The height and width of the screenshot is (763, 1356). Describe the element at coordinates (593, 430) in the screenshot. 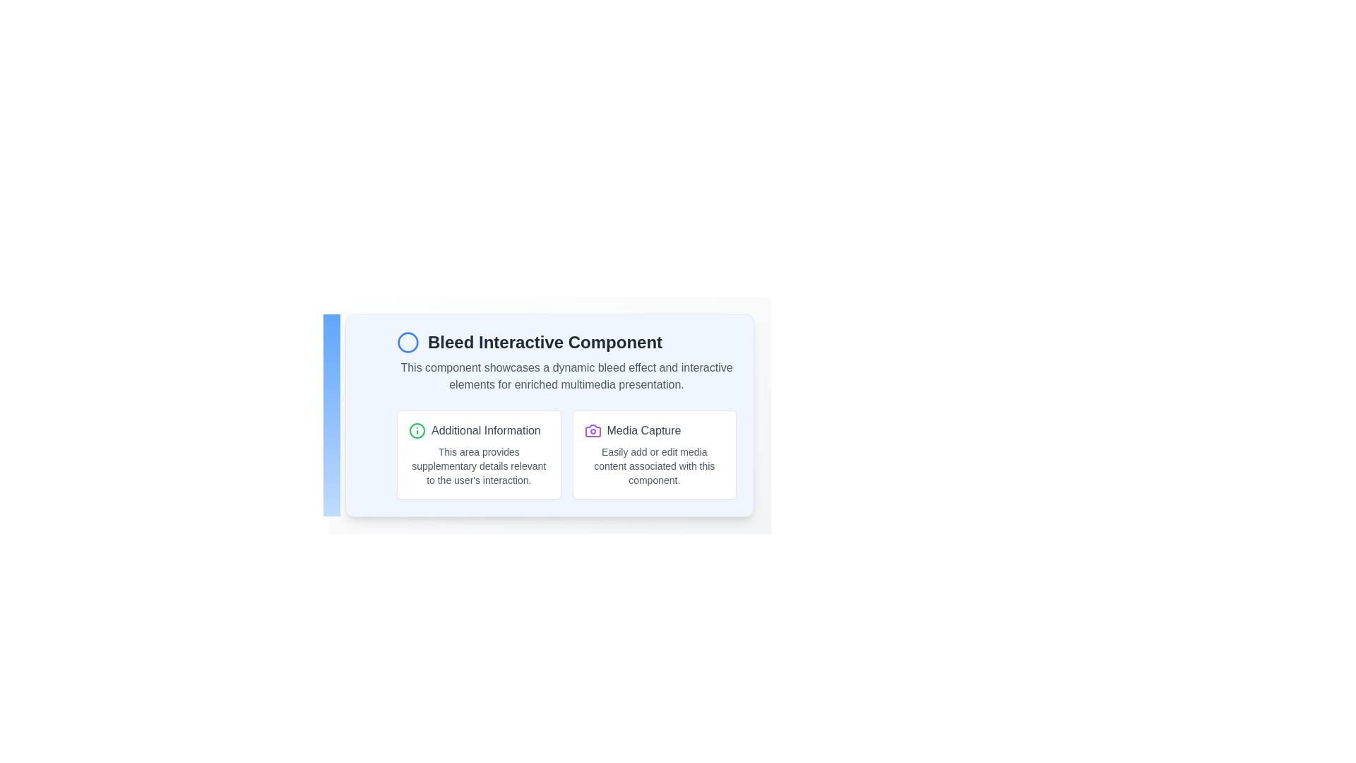

I see `the 'Media Capture' icon, which serves as a visual indicator for adding or editing media content, located on the right-hand side below the 'Bleed Interactive Component' header` at that location.